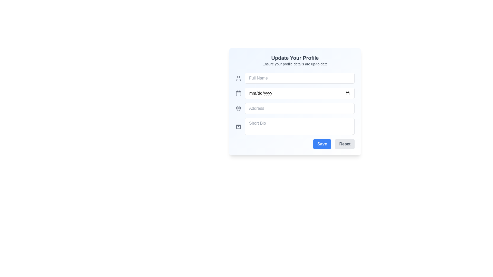 This screenshot has width=493, height=277. What do you see at coordinates (238, 127) in the screenshot?
I see `the gray box icon with a lid located at the bottom of the vertical stack of icons on the left side of the form` at bounding box center [238, 127].